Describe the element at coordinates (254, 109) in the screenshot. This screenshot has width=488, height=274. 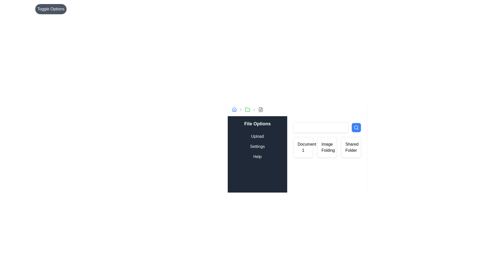
I see `the third right-chevron icon in the breadcrumb navigation interface to interact with it` at that location.